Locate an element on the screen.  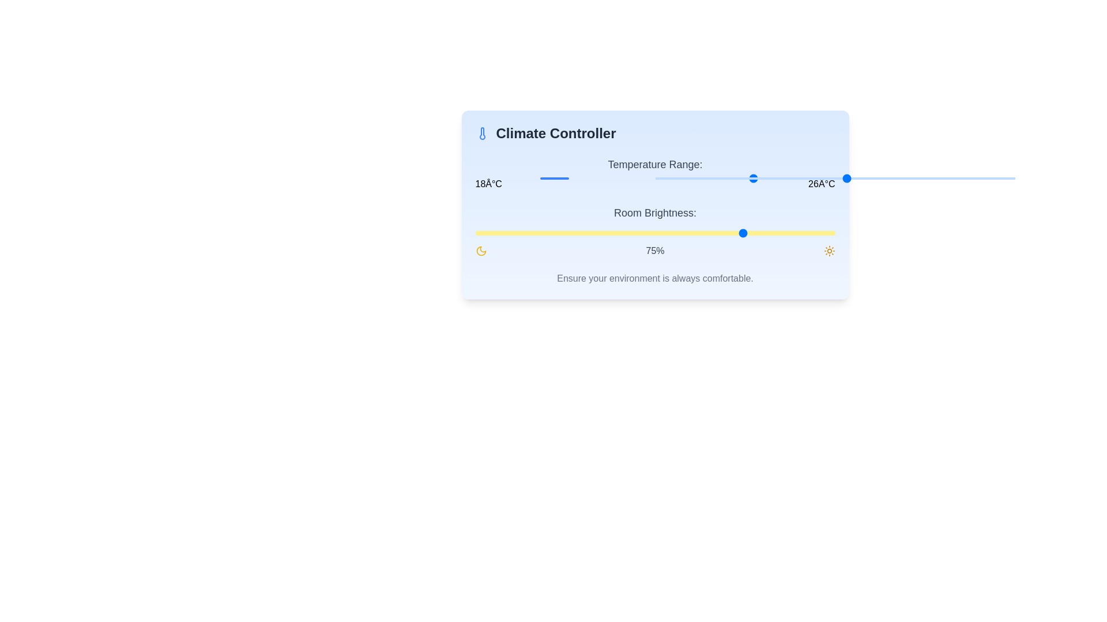
the room brightness is located at coordinates (701, 233).